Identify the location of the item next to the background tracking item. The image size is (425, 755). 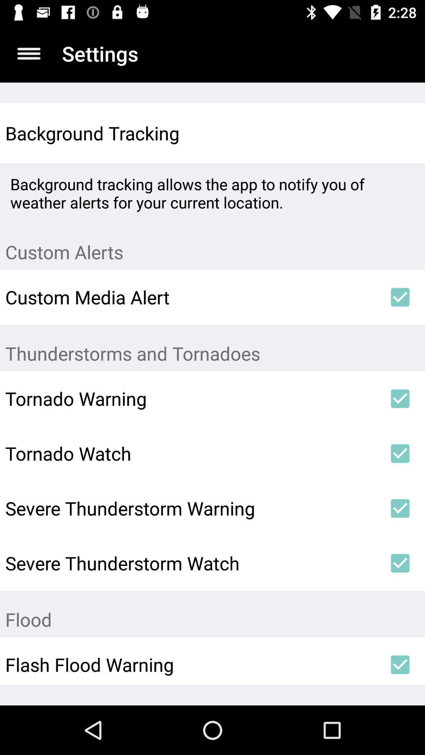
(400, 133).